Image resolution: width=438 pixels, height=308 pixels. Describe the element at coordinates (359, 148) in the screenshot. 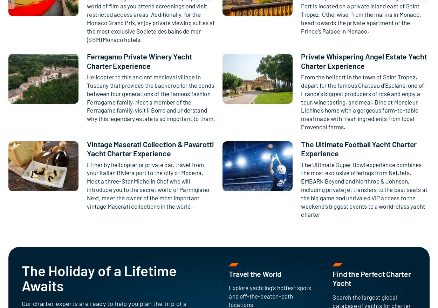

I see `'The Ultimate Football Yacht Charter Experience'` at that location.